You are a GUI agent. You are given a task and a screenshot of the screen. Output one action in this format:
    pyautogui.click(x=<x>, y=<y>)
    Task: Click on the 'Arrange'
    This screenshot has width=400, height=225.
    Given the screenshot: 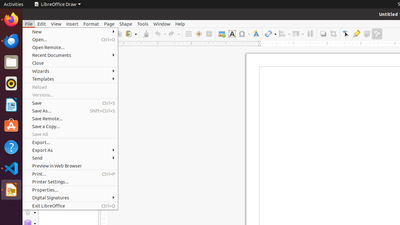 What is the action you would take?
    pyautogui.click(x=297, y=34)
    